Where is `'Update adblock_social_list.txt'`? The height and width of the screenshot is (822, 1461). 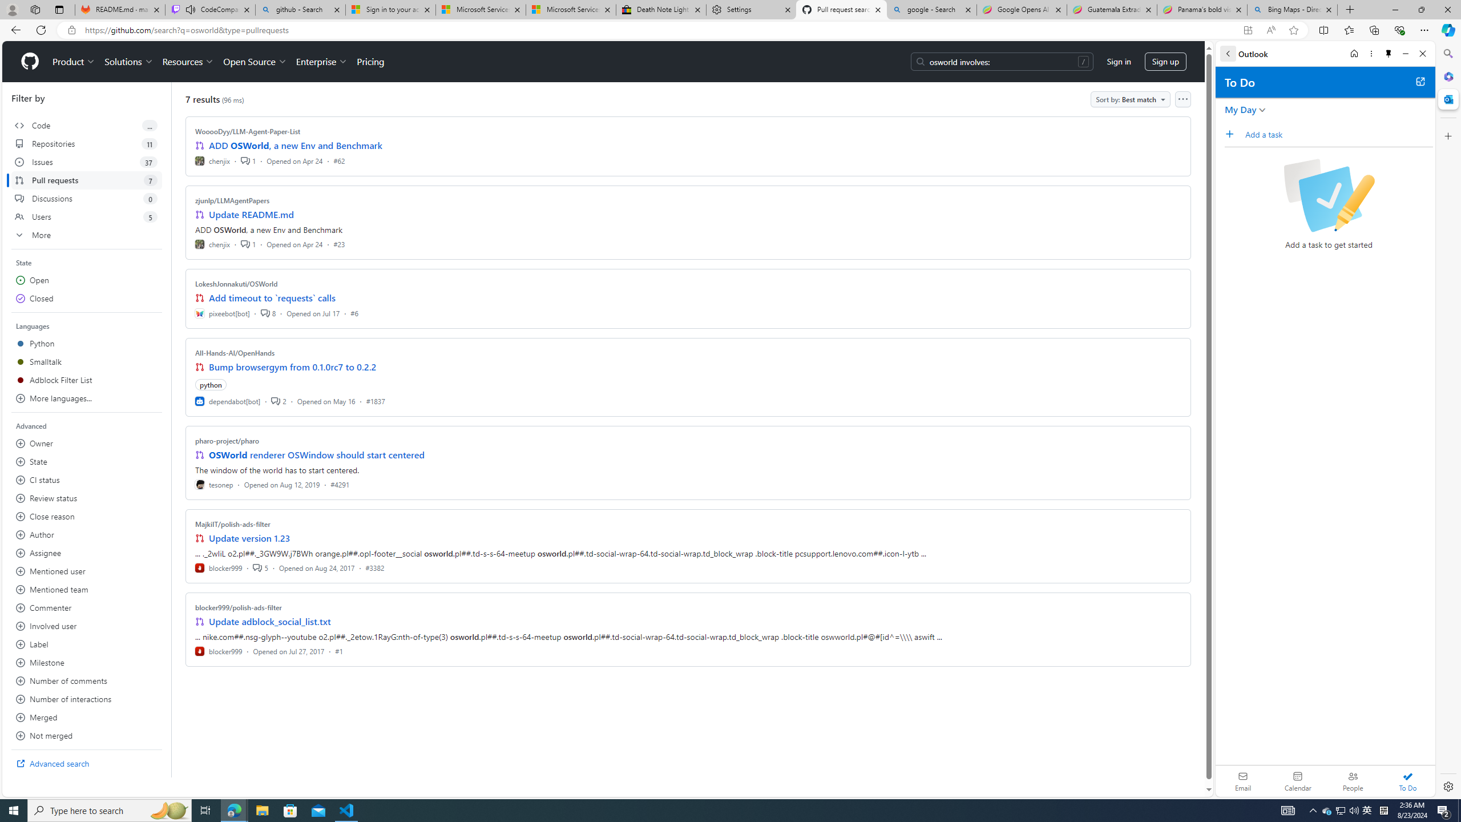
'Update adblock_social_list.txt' is located at coordinates (269, 621).